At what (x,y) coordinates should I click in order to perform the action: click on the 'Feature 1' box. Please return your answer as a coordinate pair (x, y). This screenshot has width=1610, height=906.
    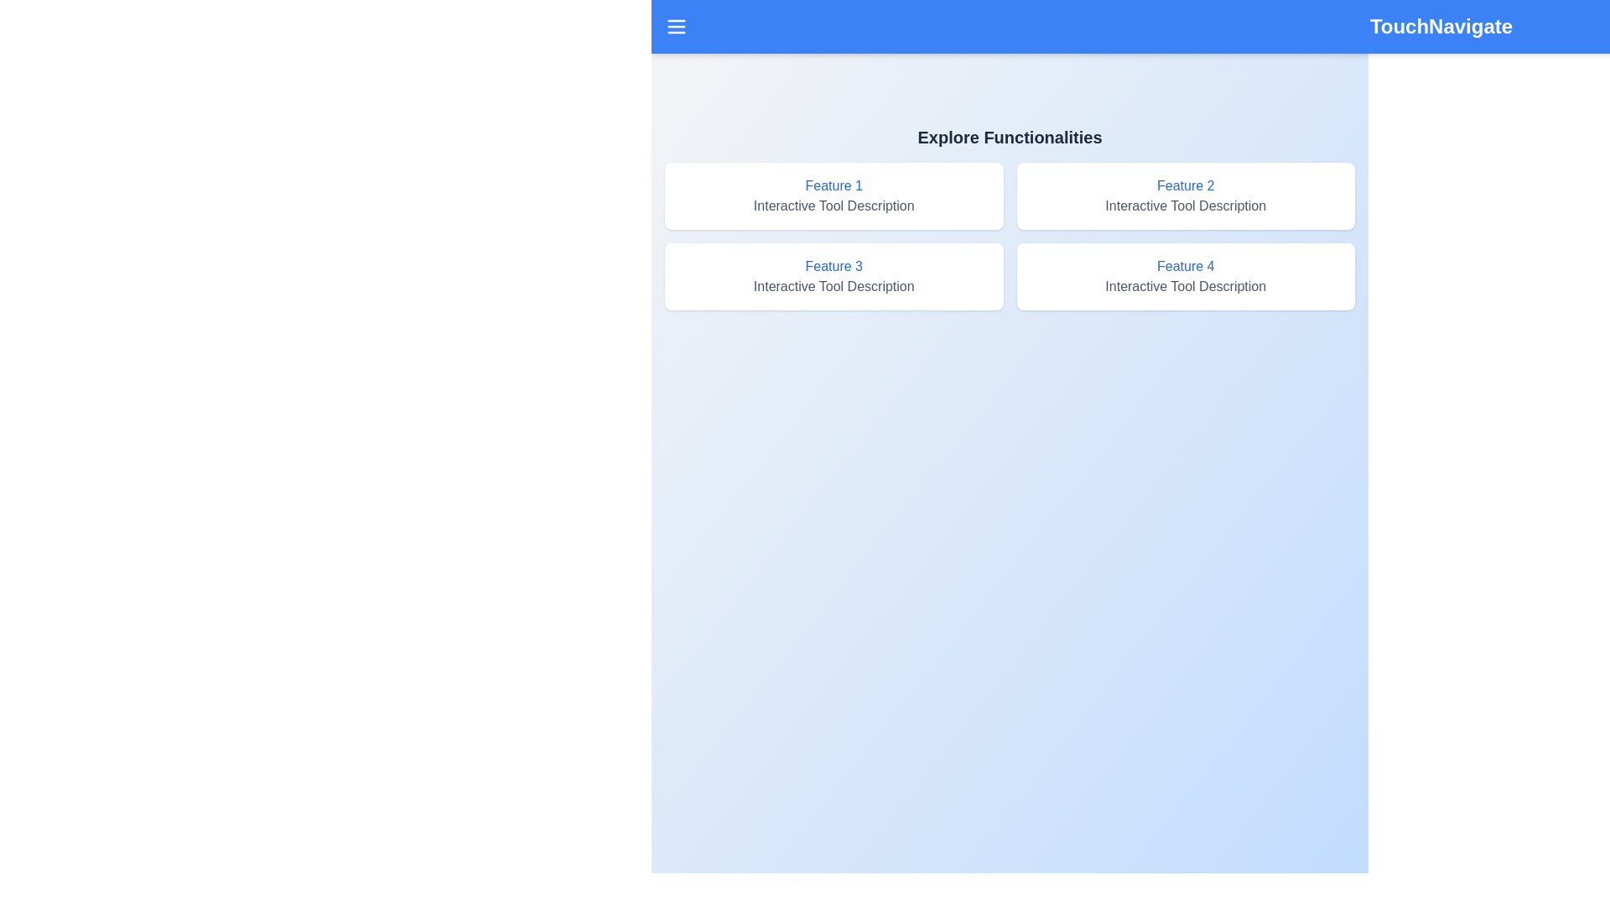
    Looking at the image, I should click on (834, 195).